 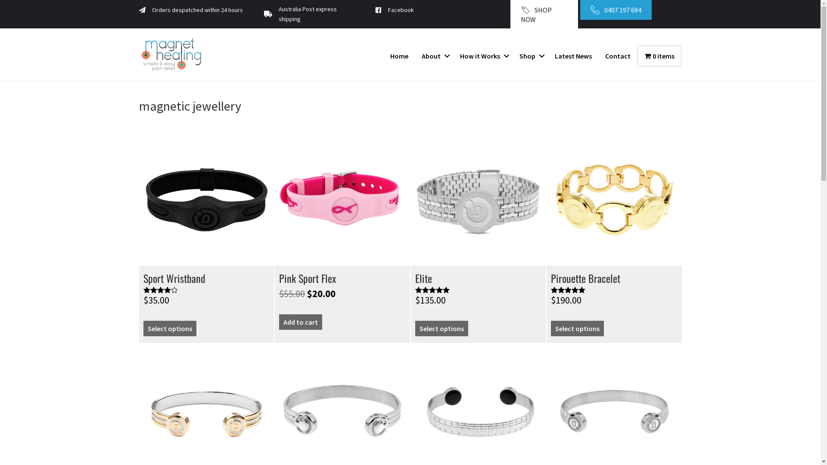 What do you see at coordinates (617, 56) in the screenshot?
I see `'Contact'` at bounding box center [617, 56].